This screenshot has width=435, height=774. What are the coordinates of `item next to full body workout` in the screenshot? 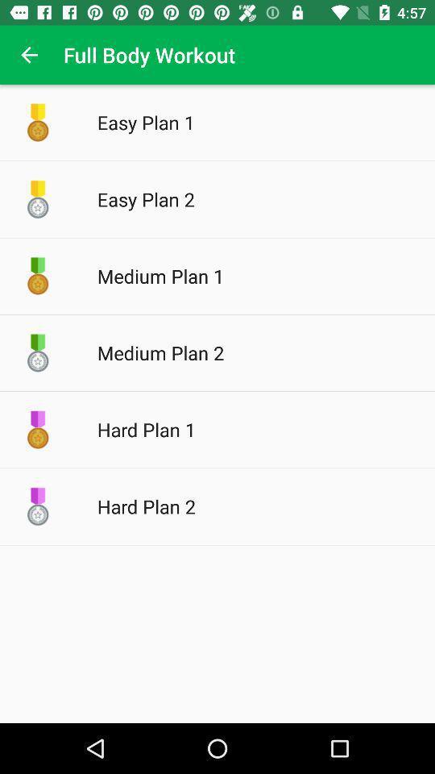 It's located at (29, 55).